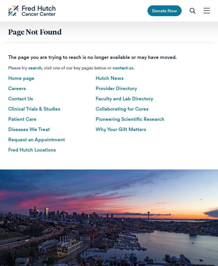 This screenshot has width=218, height=266. Describe the element at coordinates (18, 68) in the screenshot. I see `'Please try'` at that location.